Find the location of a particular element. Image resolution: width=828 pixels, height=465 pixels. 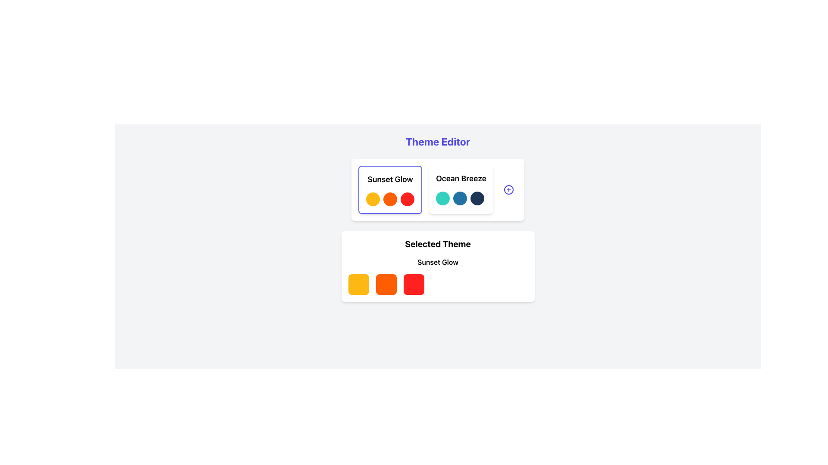

the text display that shows 'Sunset Glow,' which is styled in bold and located below the 'Selected Theme' title is located at coordinates (438, 262).